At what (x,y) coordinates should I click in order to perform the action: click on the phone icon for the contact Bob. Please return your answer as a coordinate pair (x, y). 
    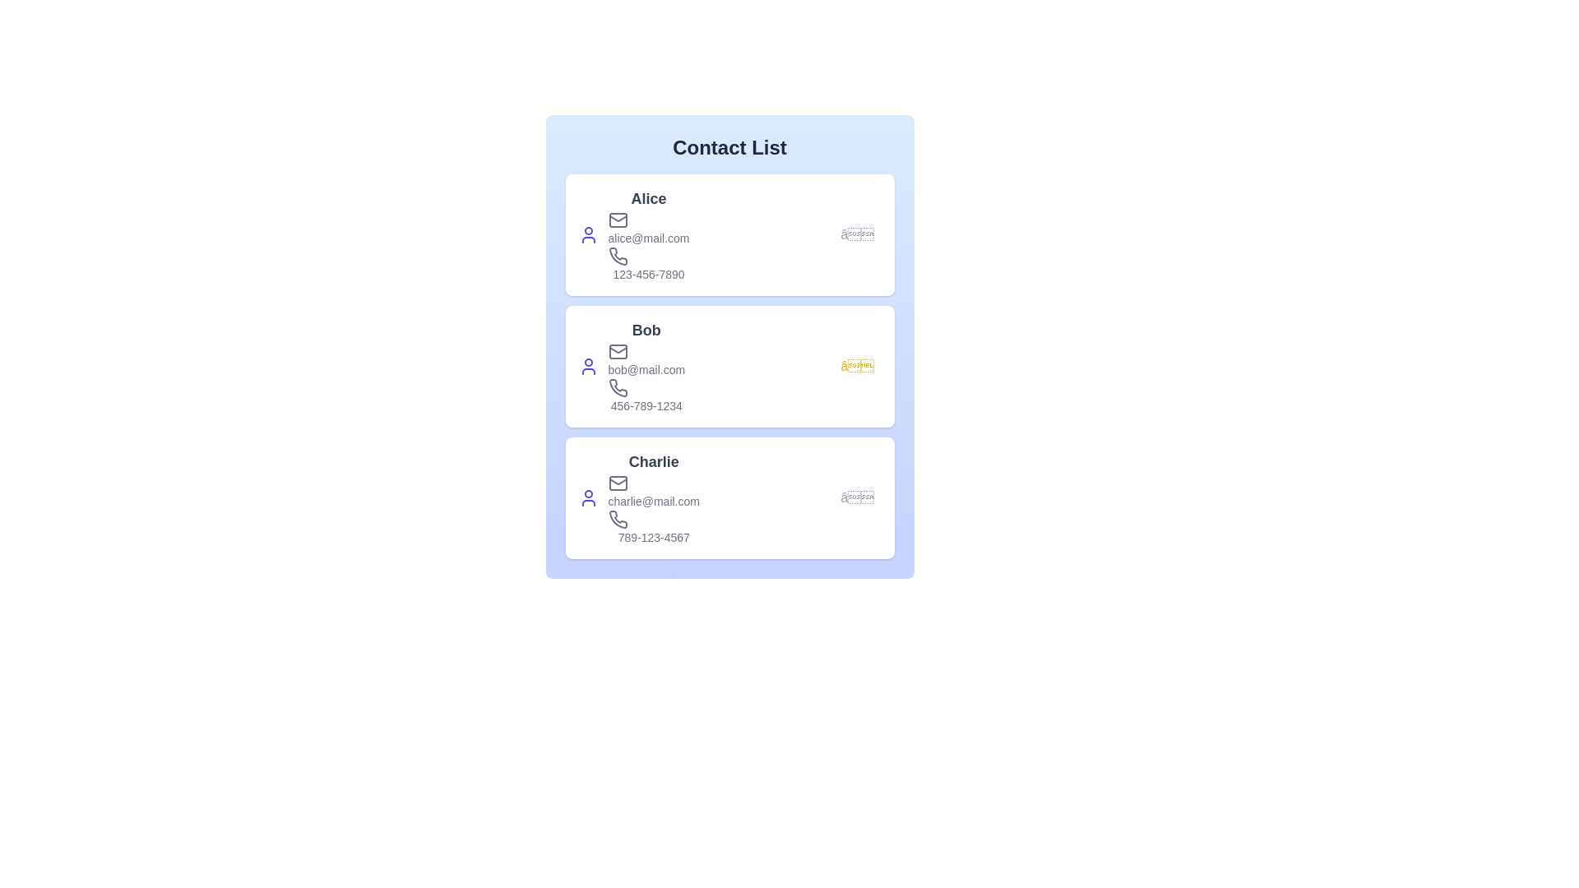
    Looking at the image, I should click on (617, 387).